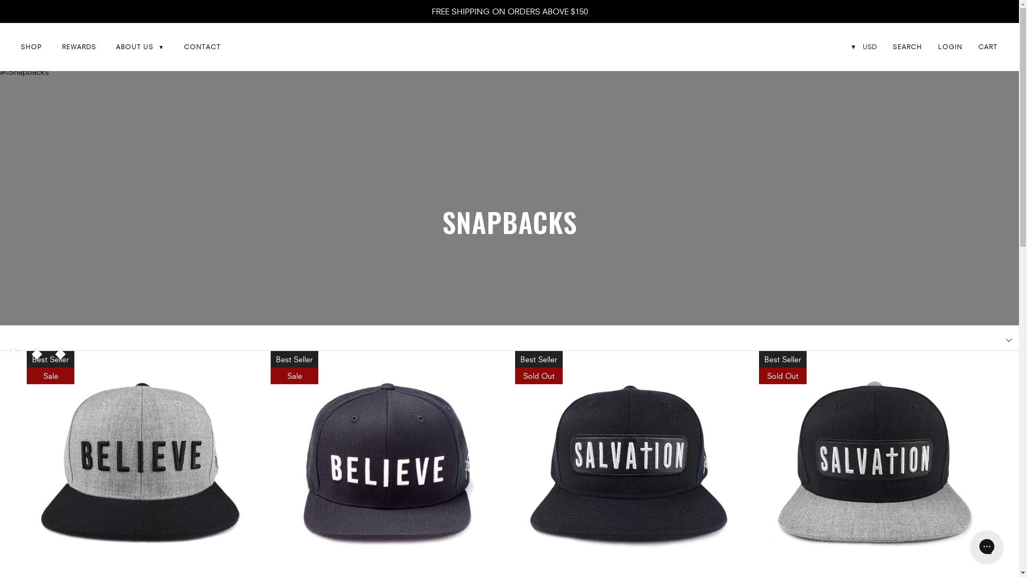  Describe the element at coordinates (986, 546) in the screenshot. I see `'Gorgias live chat messenger'` at that location.